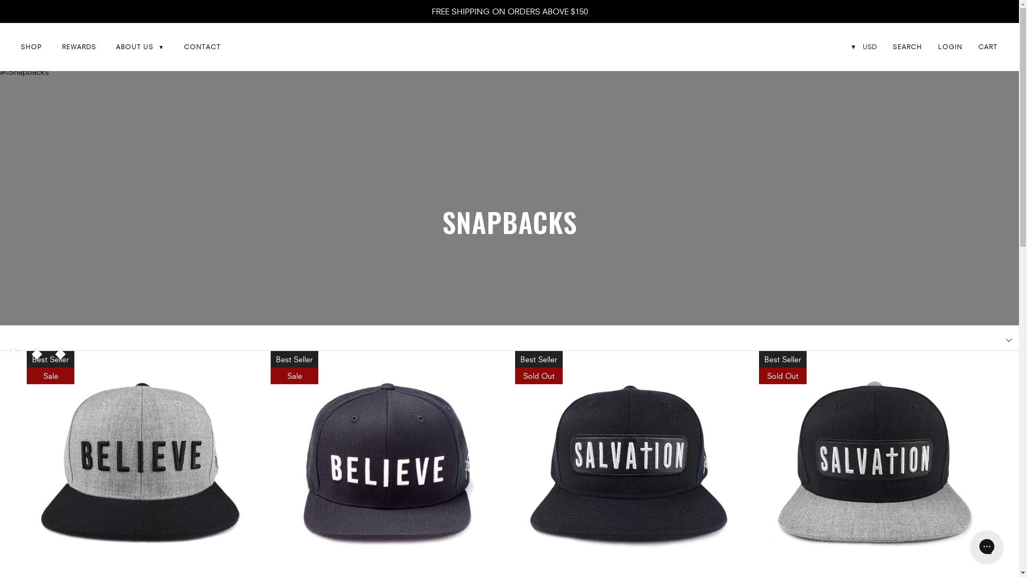  Describe the element at coordinates (986, 546) in the screenshot. I see `'Gorgias live chat messenger'` at that location.